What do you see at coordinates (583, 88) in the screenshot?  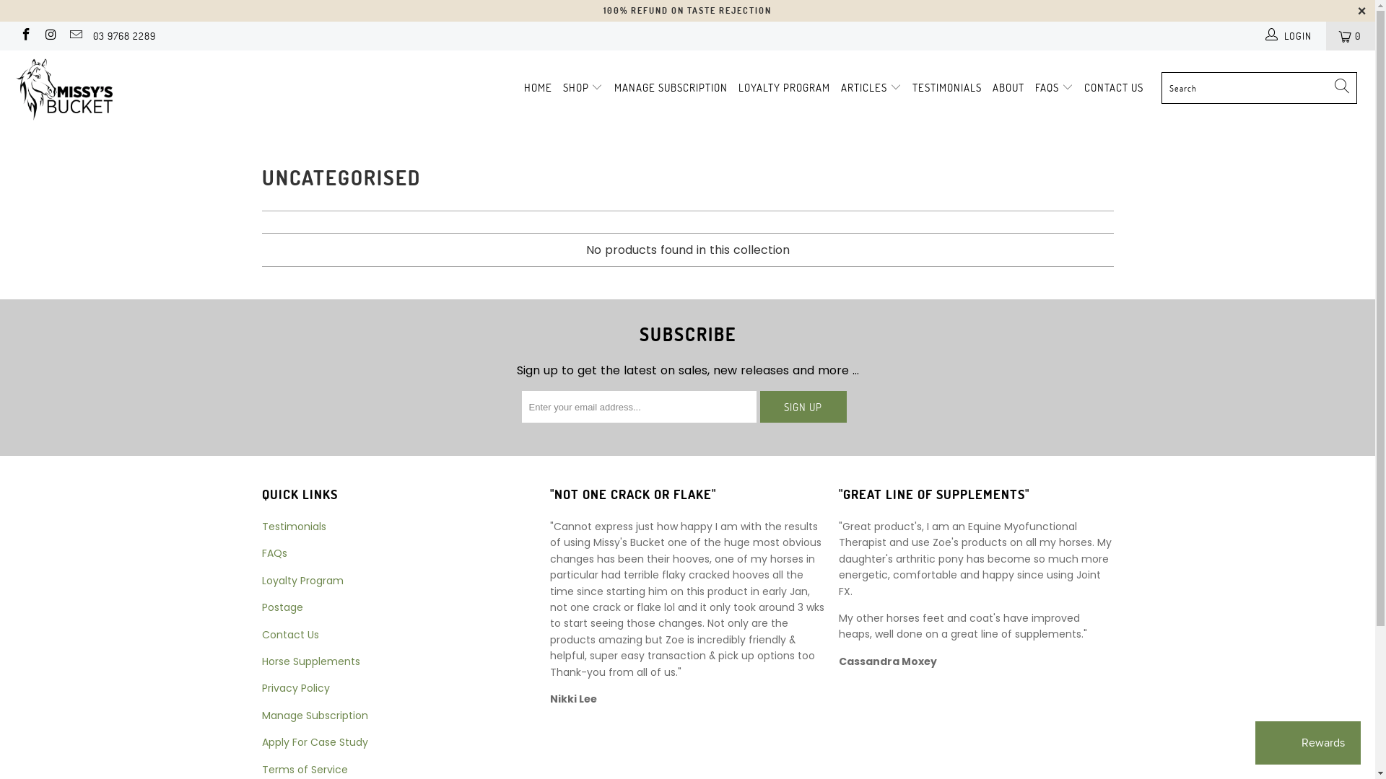 I see `'SHOP'` at bounding box center [583, 88].